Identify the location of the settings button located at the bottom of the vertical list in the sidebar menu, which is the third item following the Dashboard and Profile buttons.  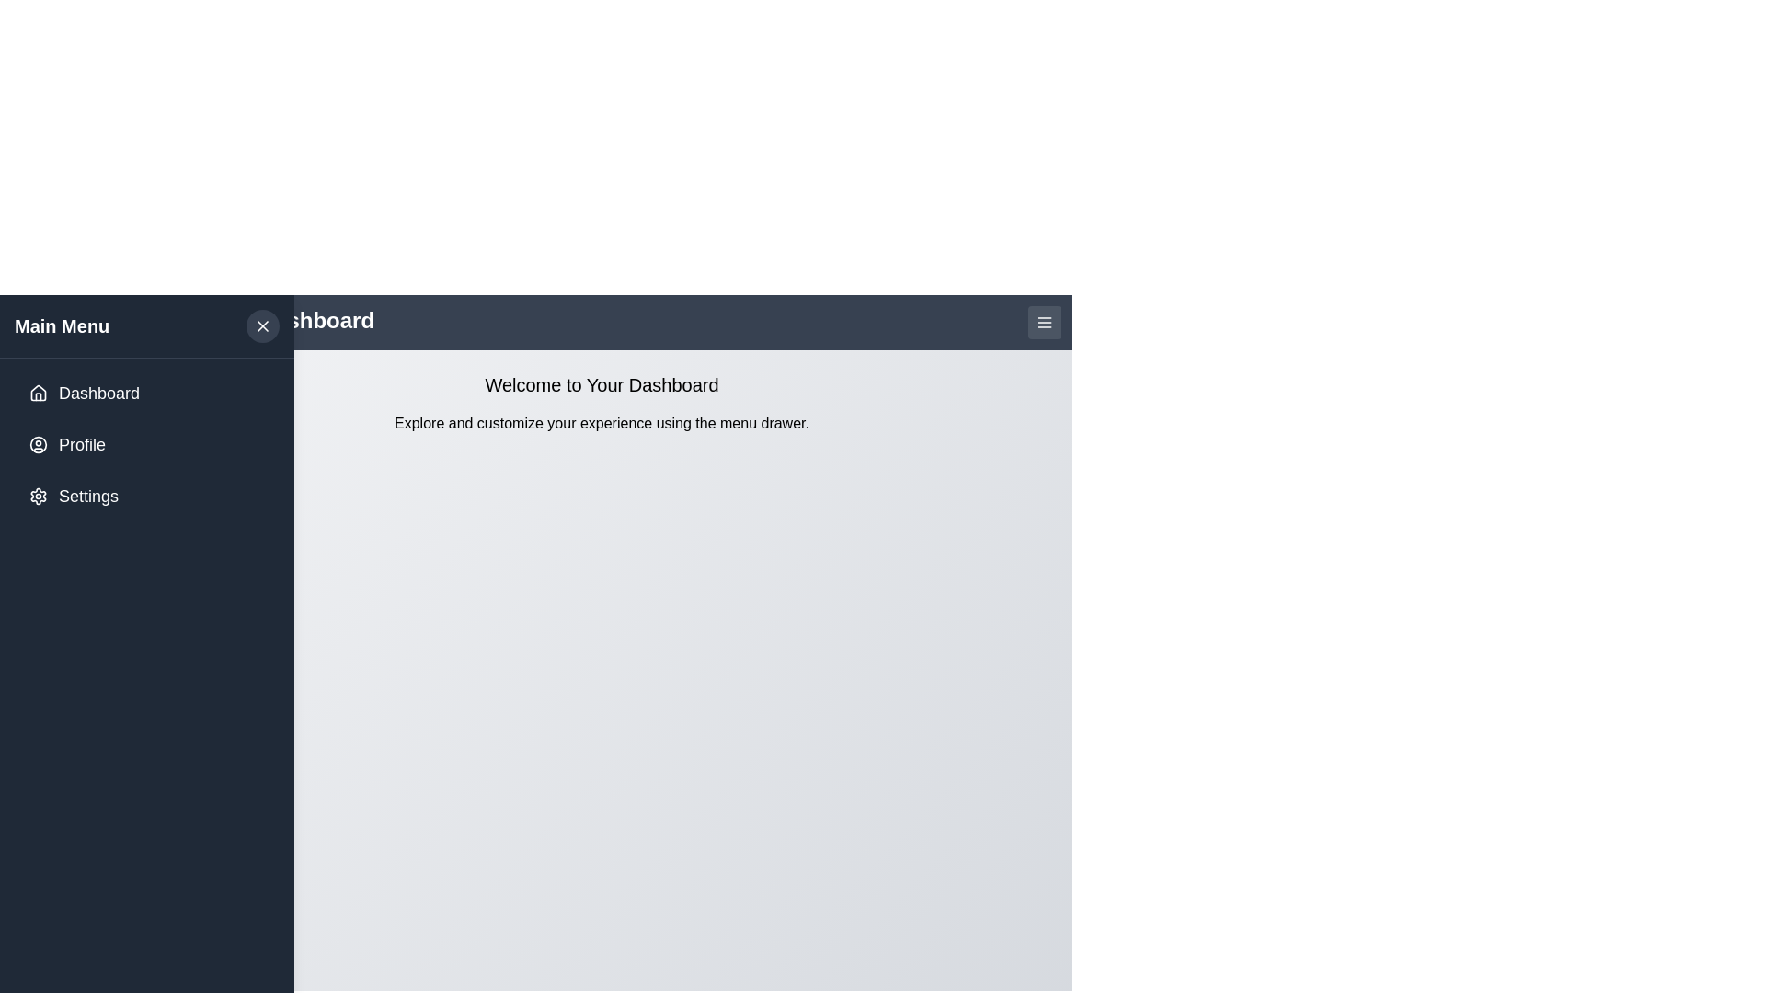
(145, 496).